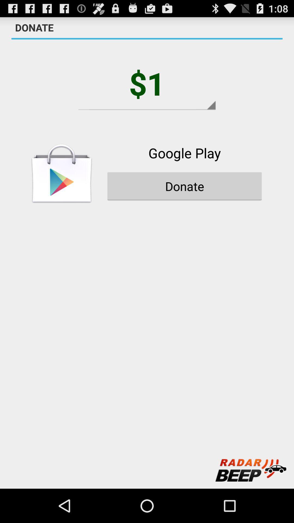 The width and height of the screenshot is (294, 523). What do you see at coordinates (147, 83) in the screenshot?
I see `the $1` at bounding box center [147, 83].